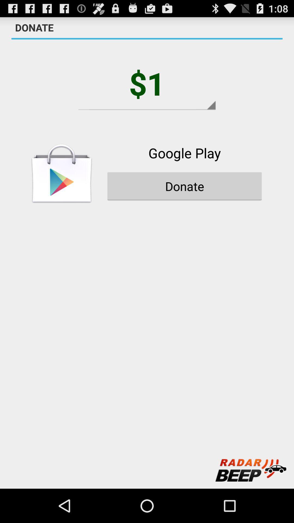 The width and height of the screenshot is (294, 523). What do you see at coordinates (147, 83) in the screenshot?
I see `the $1` at bounding box center [147, 83].